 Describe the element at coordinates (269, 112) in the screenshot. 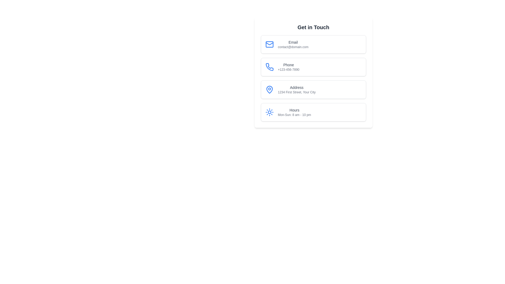

I see `the SVG Circle Element that serves as a decorative part of the sun icon in the 'Get in Touch' section, located in the fourth row of the contact information list` at that location.